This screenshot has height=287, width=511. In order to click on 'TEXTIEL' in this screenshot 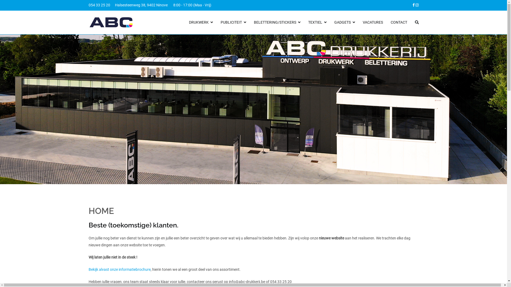, I will do `click(317, 22)`.